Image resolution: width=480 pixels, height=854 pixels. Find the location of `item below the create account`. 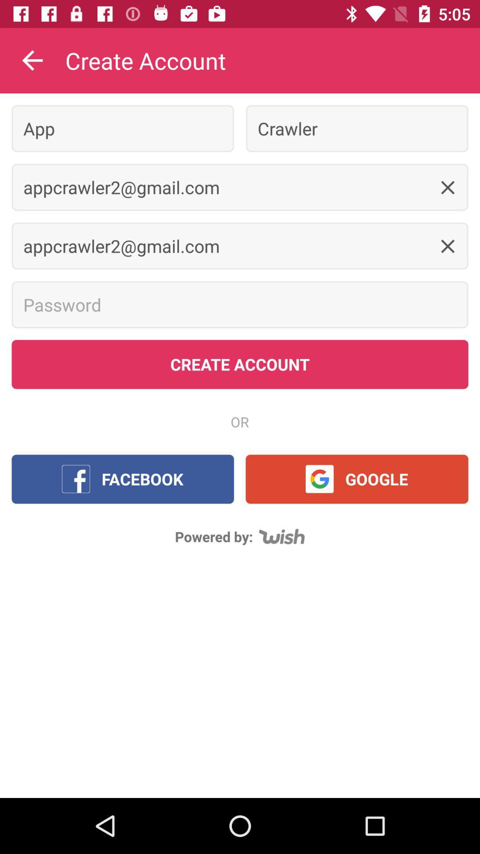

item below the create account is located at coordinates (123, 128).